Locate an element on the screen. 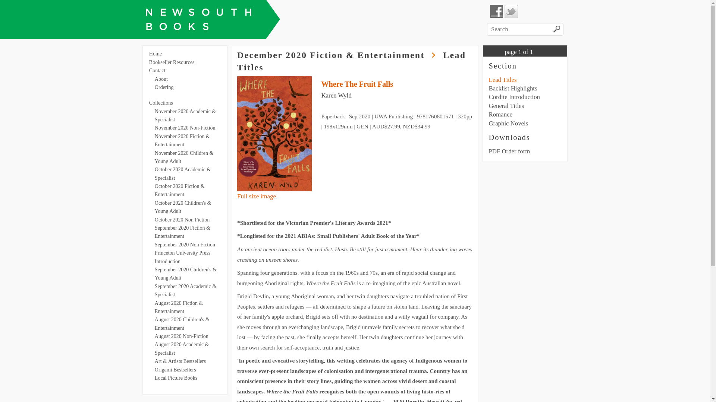 This screenshot has width=716, height=402. 'Twitter' is located at coordinates (511, 11).